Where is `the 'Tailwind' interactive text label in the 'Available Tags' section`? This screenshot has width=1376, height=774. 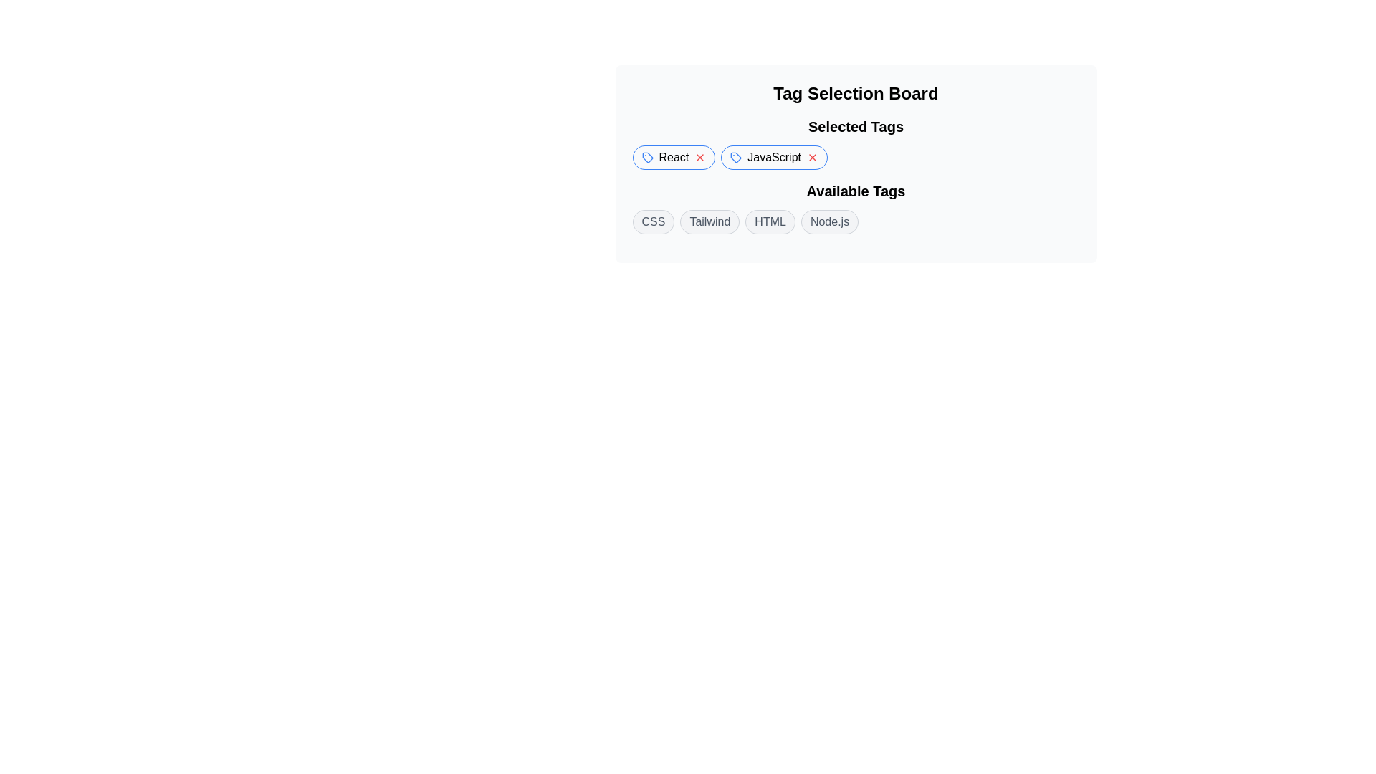
the 'Tailwind' interactive text label in the 'Available Tags' section is located at coordinates (709, 221).